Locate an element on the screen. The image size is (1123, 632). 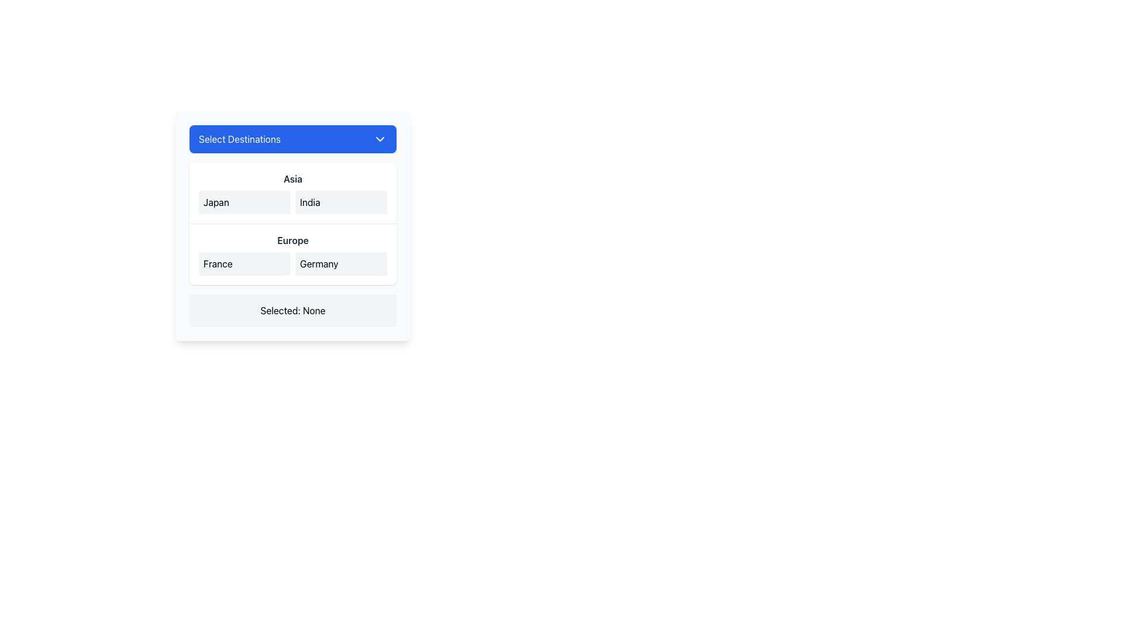
the downward-pointing chevron icon, which is white and located on the right side of the 'Select Destinations' blue button, to interact with the dropdown is located at coordinates (380, 139).